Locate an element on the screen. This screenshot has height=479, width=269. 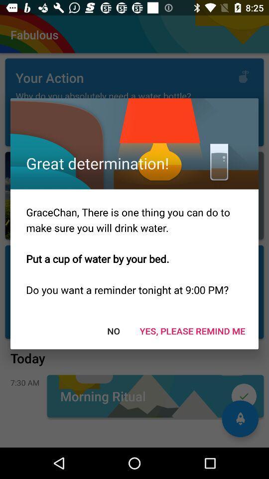
the no icon is located at coordinates (113, 331).